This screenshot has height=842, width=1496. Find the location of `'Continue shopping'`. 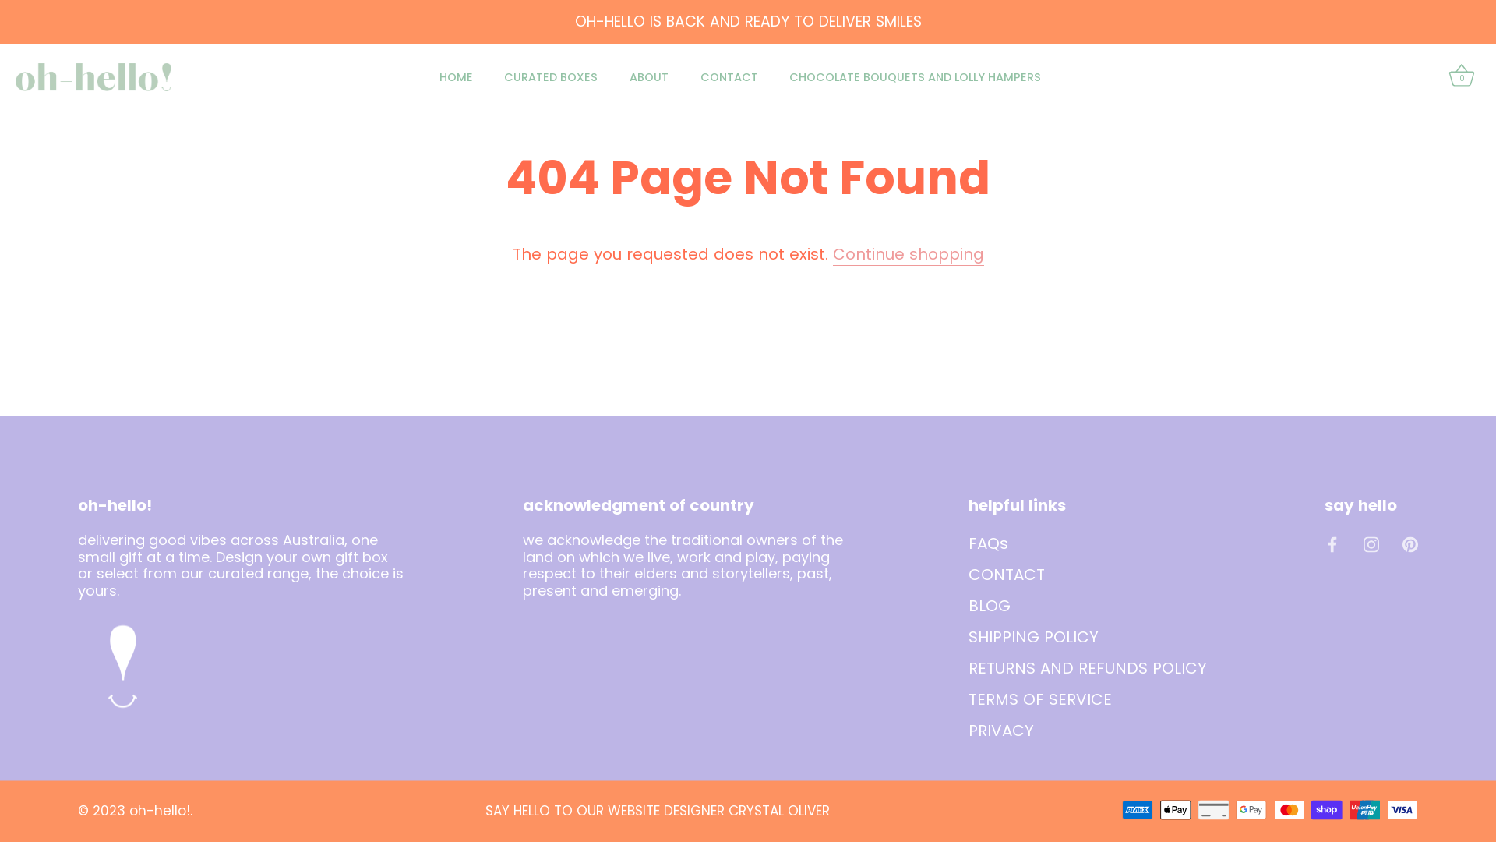

'Continue shopping' is located at coordinates (908, 253).